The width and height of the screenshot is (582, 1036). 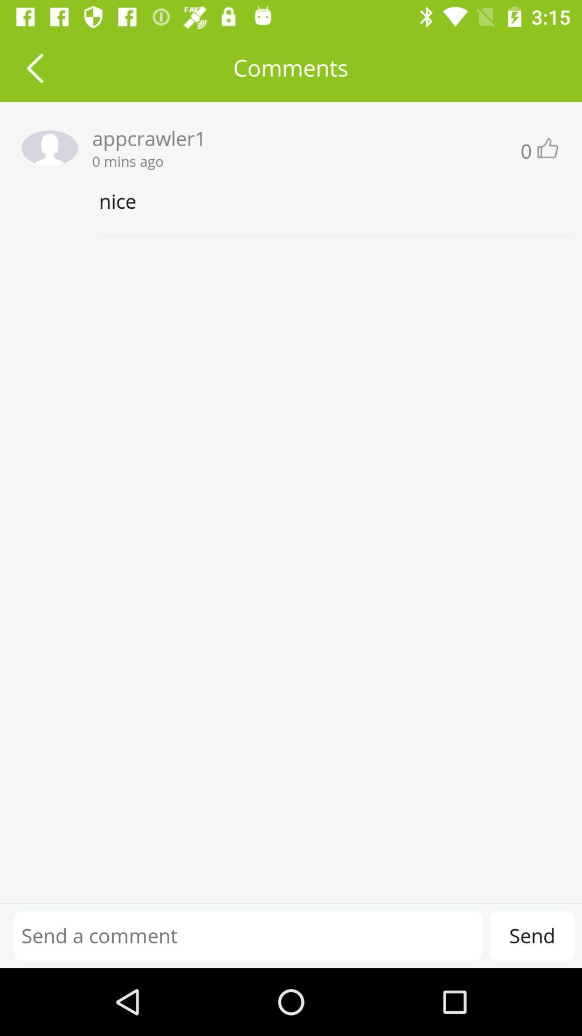 What do you see at coordinates (45, 147) in the screenshot?
I see `profile settings` at bounding box center [45, 147].